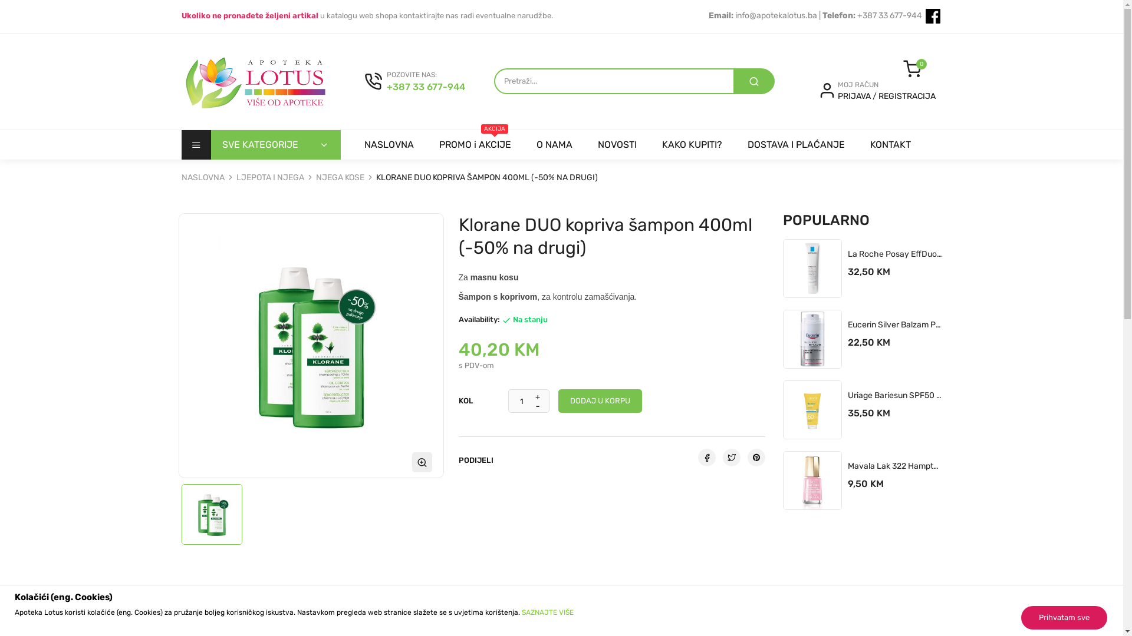 The height and width of the screenshot is (636, 1132). What do you see at coordinates (837, 95) in the screenshot?
I see `'PRIJAVA'` at bounding box center [837, 95].